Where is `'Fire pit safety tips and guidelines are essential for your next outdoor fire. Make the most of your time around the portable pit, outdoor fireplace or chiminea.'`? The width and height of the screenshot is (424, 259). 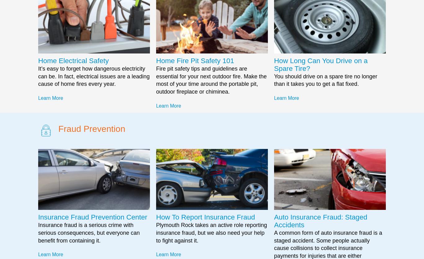 'Fire pit safety tips and guidelines are essential for your next outdoor fire. Make the most of your time around the portable pit, outdoor fireplace or chiminea.' is located at coordinates (211, 80).